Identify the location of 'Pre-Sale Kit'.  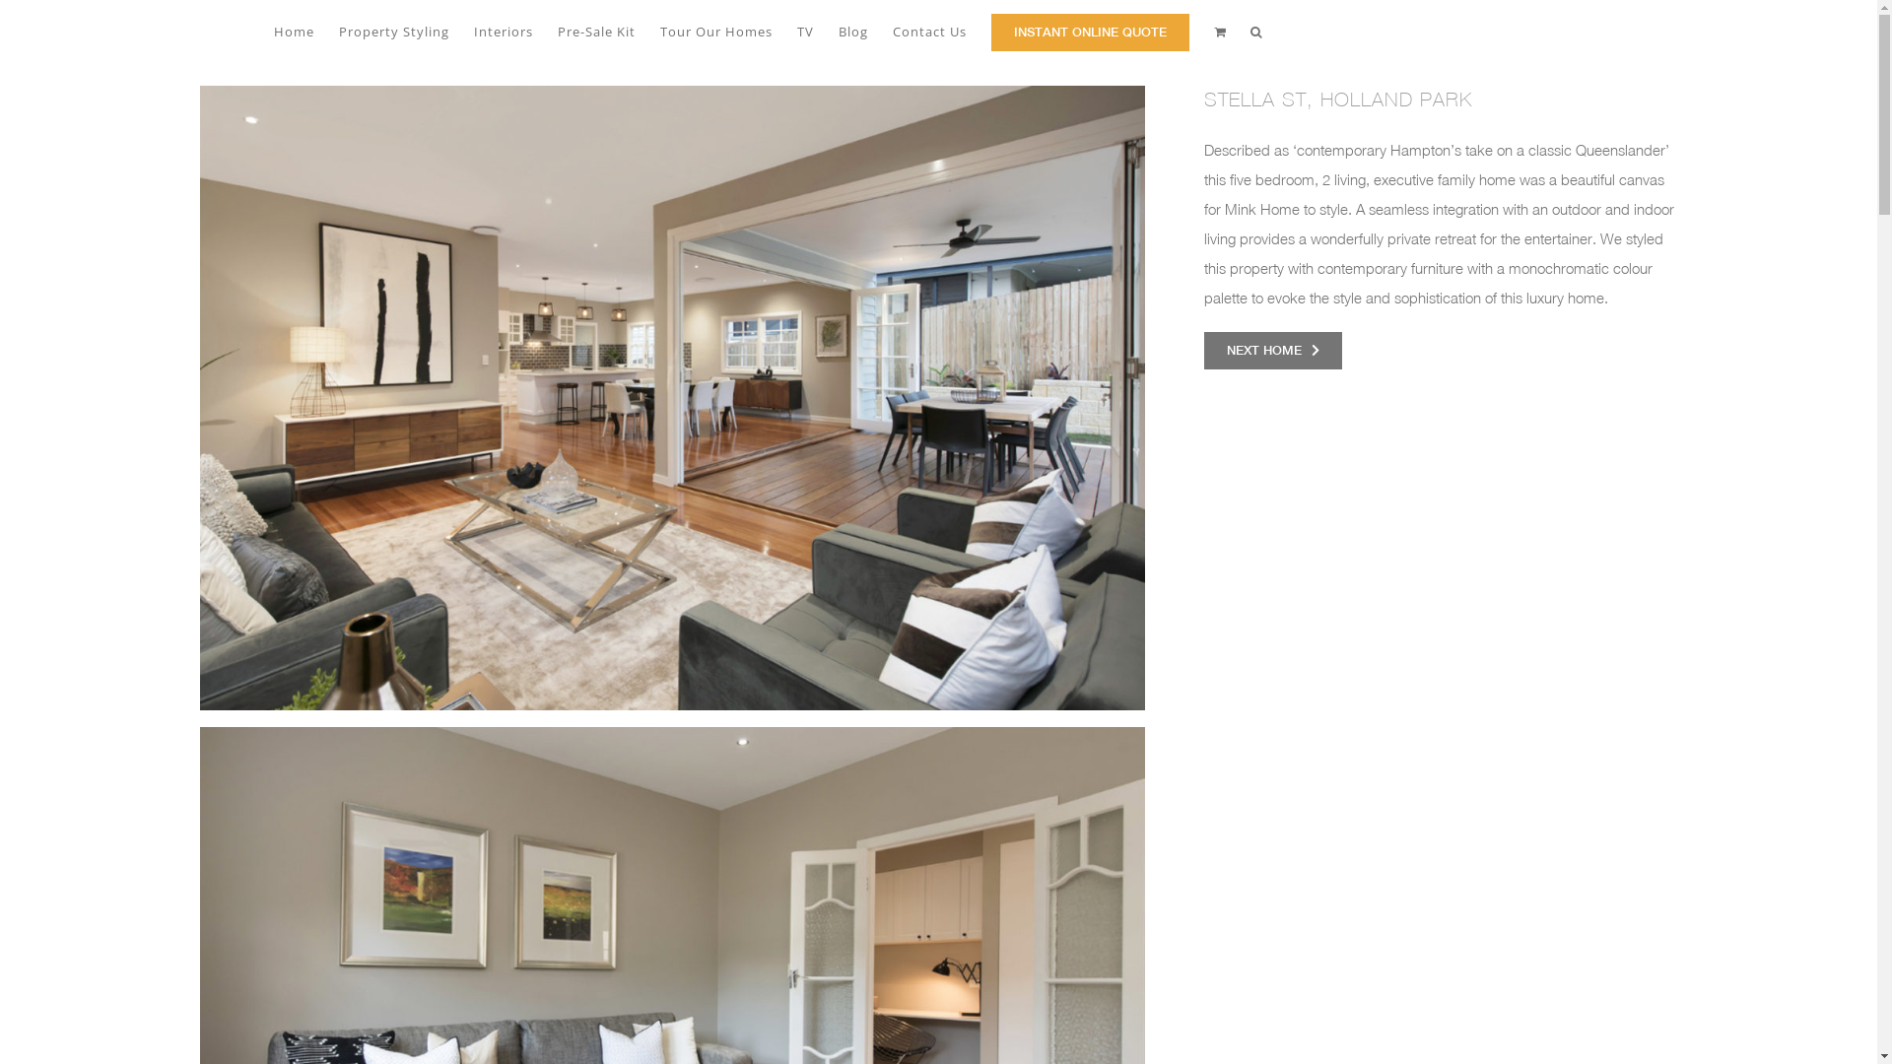
(595, 30).